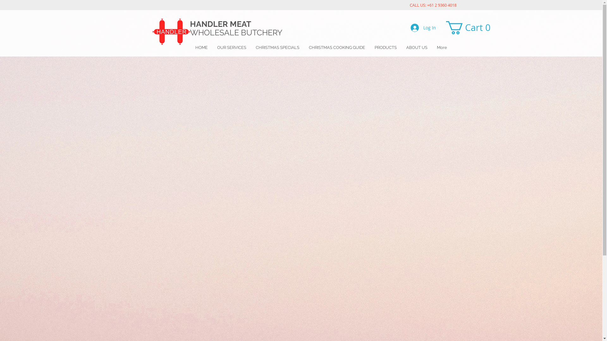 The width and height of the screenshot is (607, 341). Describe the element at coordinates (171, 32) in the screenshot. I see `'Untitled.png'` at that location.